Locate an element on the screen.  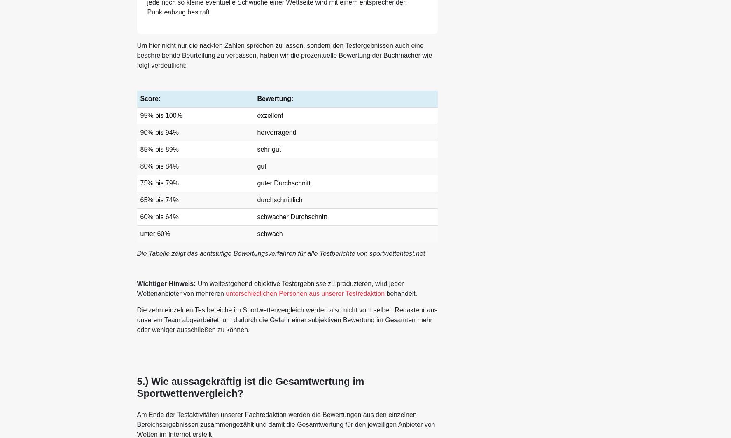
'durchschnittlich' is located at coordinates (279, 200).